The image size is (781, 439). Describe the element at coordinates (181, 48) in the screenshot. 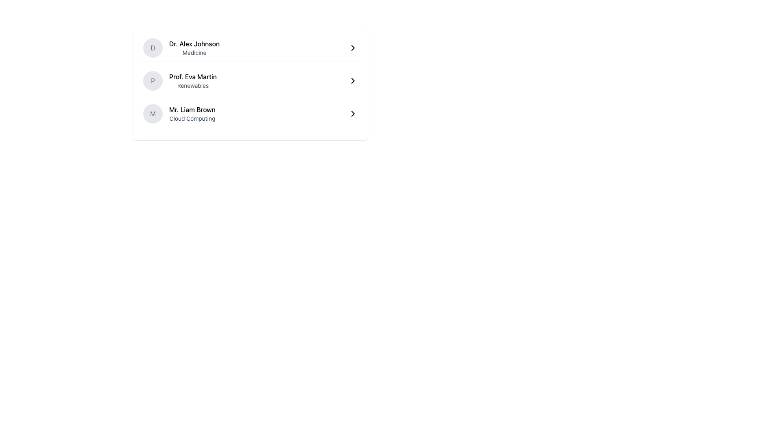

I see `the list item displaying 'Dr. Alex Johnson'` at that location.